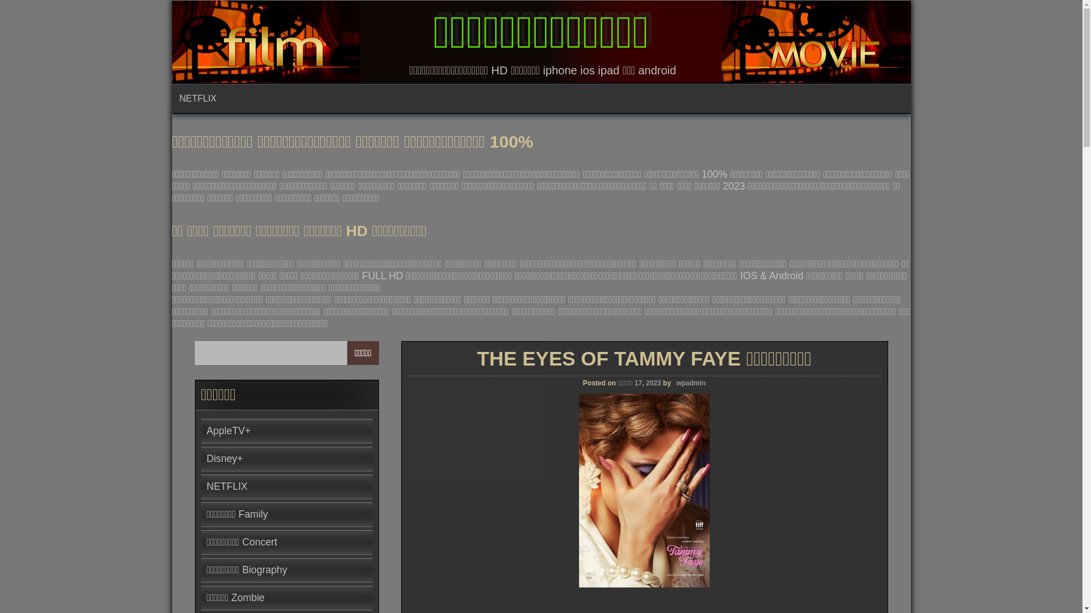 The height and width of the screenshot is (613, 1091). Describe the element at coordinates (227, 485) in the screenshot. I see `'NETFLIX'` at that location.